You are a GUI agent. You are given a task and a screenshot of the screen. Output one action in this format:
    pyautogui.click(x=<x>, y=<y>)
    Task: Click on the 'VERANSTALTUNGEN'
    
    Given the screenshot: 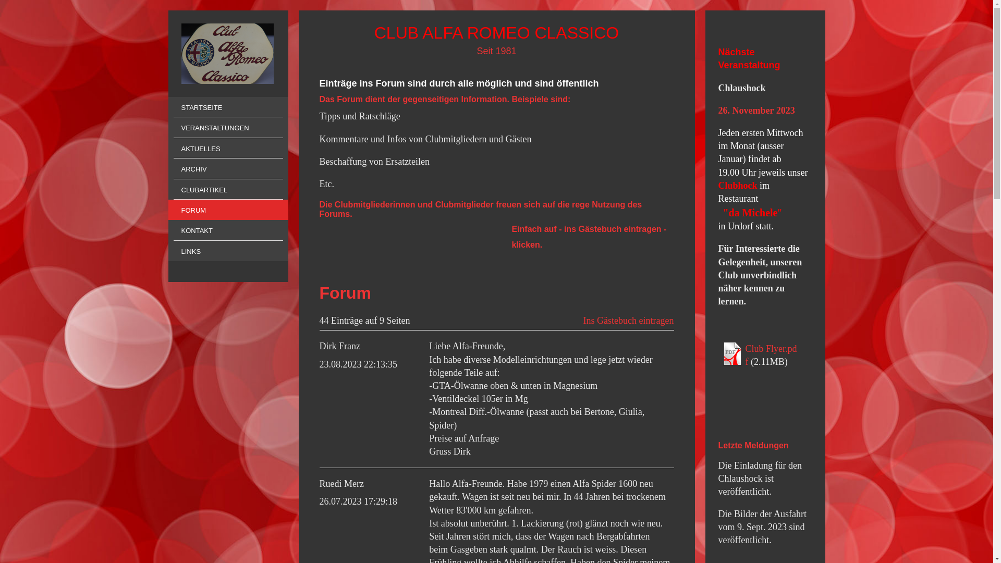 What is the action you would take?
    pyautogui.click(x=227, y=127)
    